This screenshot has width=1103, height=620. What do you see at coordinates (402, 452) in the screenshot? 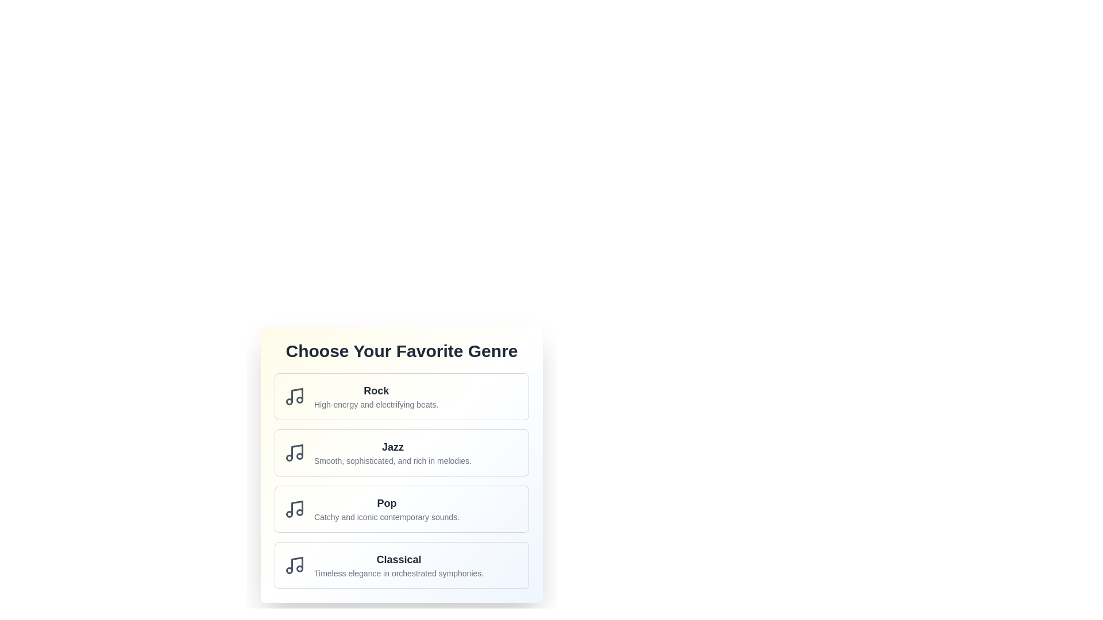
I see `the selectable list item labeled 'Jazz'` at bounding box center [402, 452].